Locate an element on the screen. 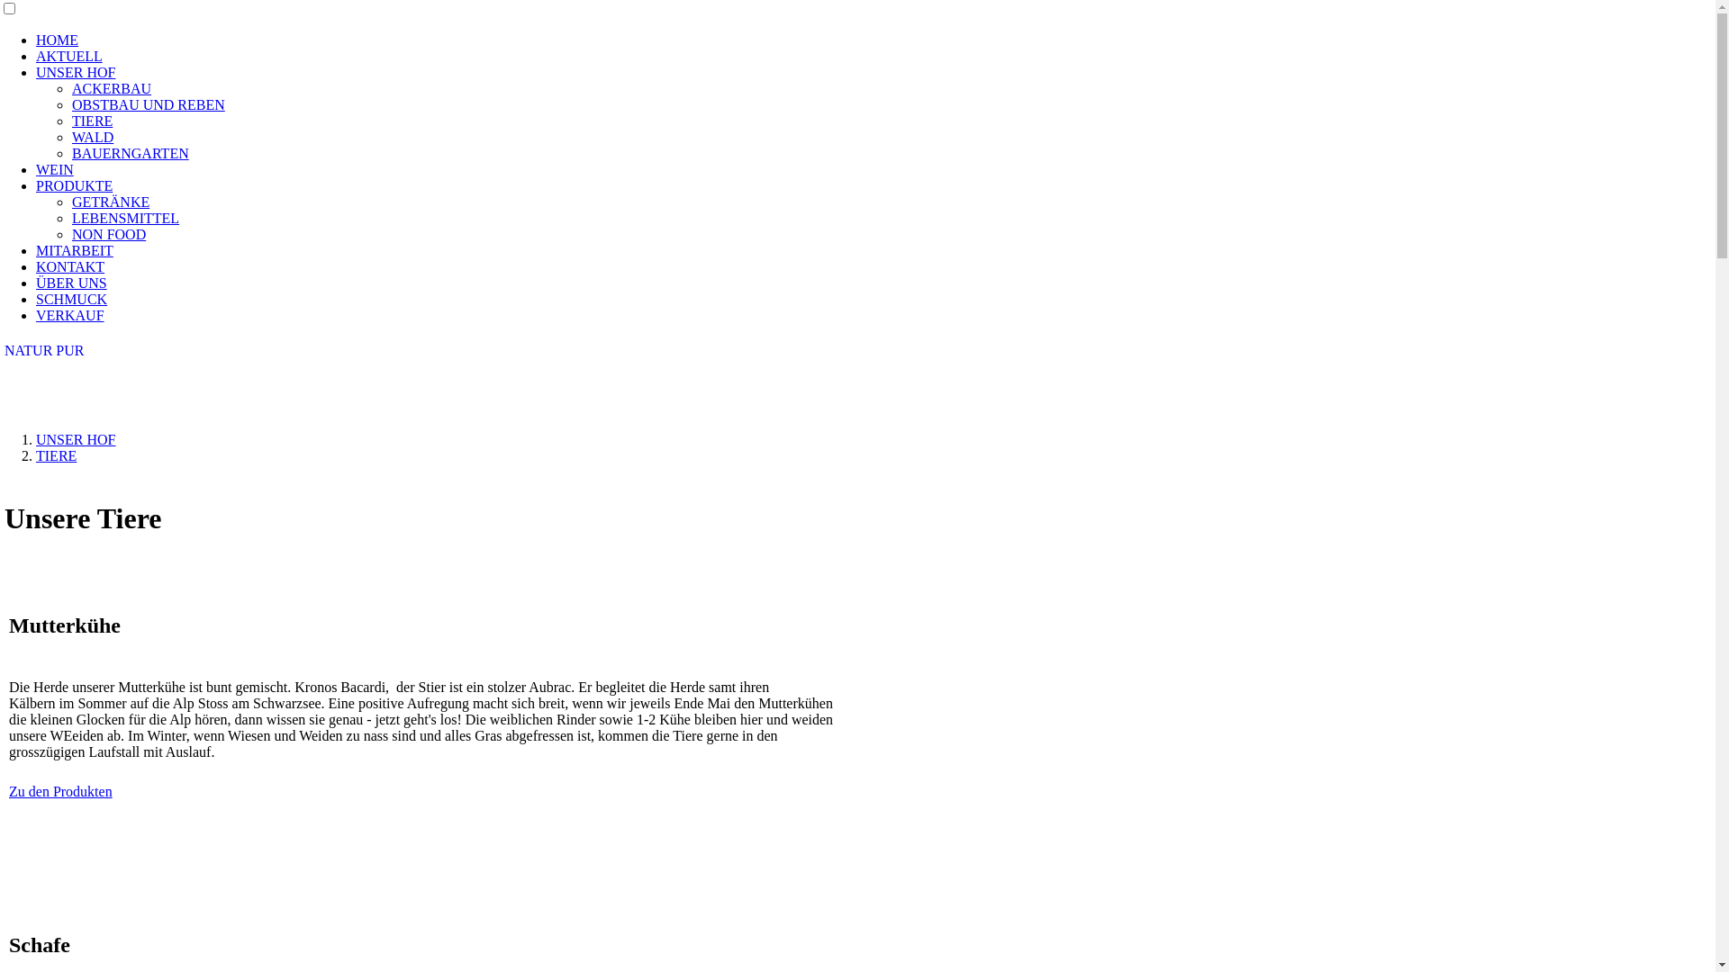 This screenshot has height=972, width=1729. 'LEBENSMITTEL' is located at coordinates (72, 217).